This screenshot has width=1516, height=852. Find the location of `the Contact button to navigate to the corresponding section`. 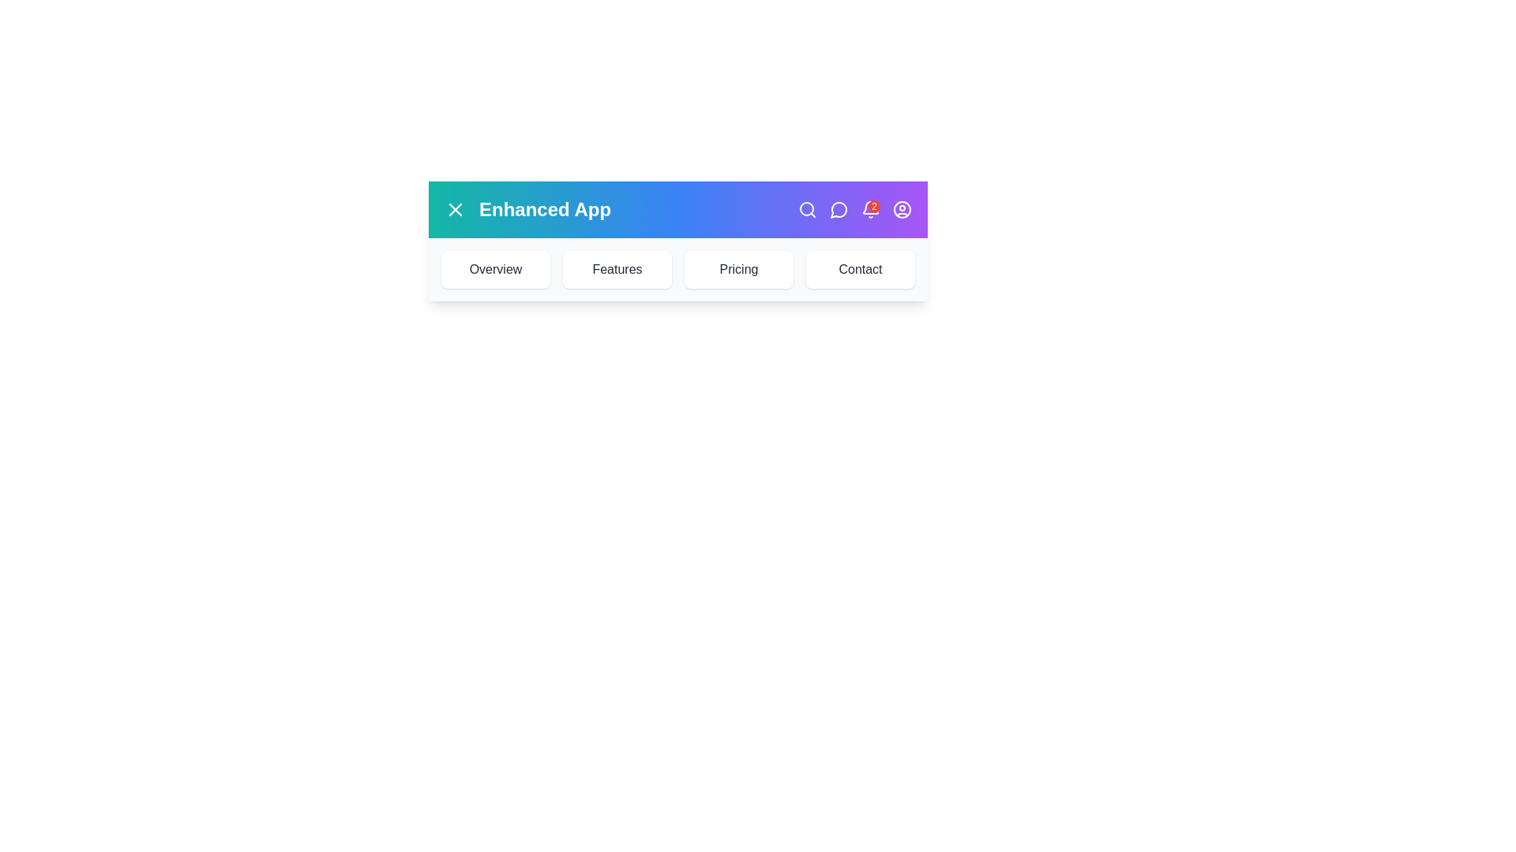

the Contact button to navigate to the corresponding section is located at coordinates (859, 269).